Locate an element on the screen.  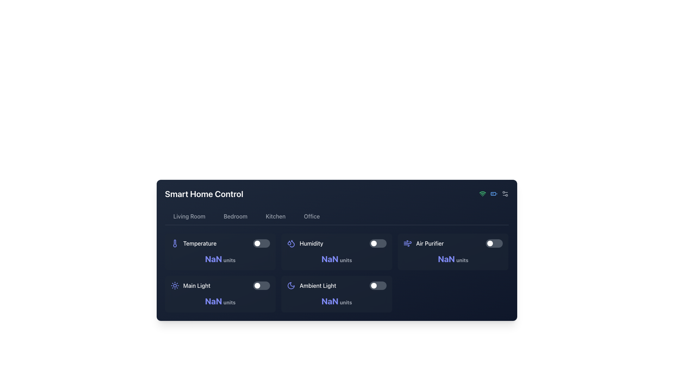
the text display that shows 'NaNunits', which has 'NaN' in bold light indigo and 'units' in smaller gray font, located under the 'Temperature' label is located at coordinates (220, 259).